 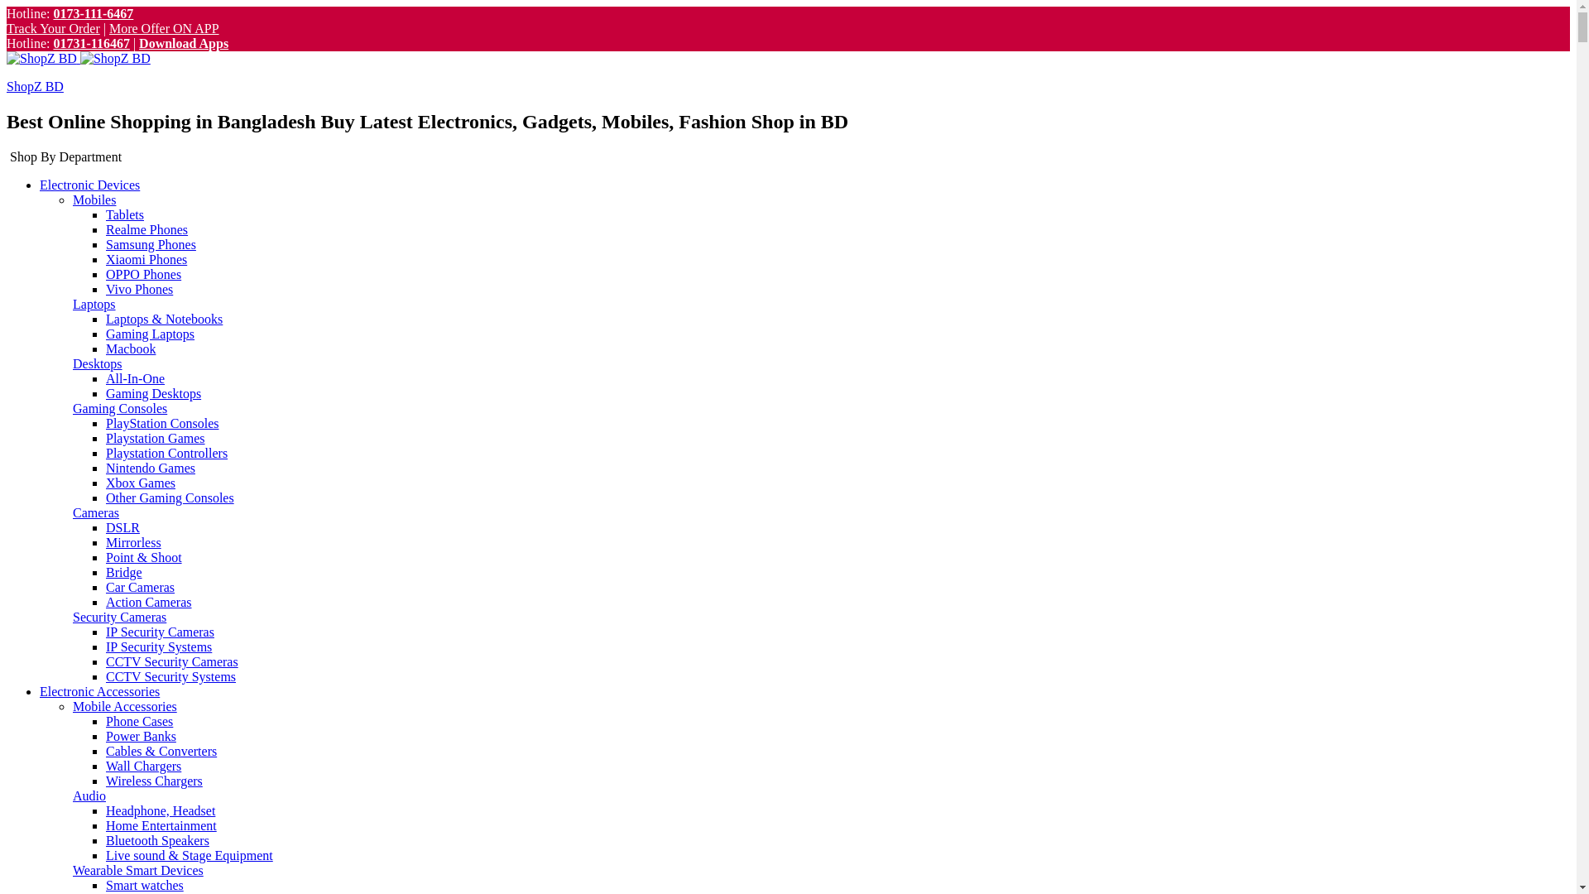 I want to click on 'Live sound & Stage Equipment', so click(x=190, y=855).